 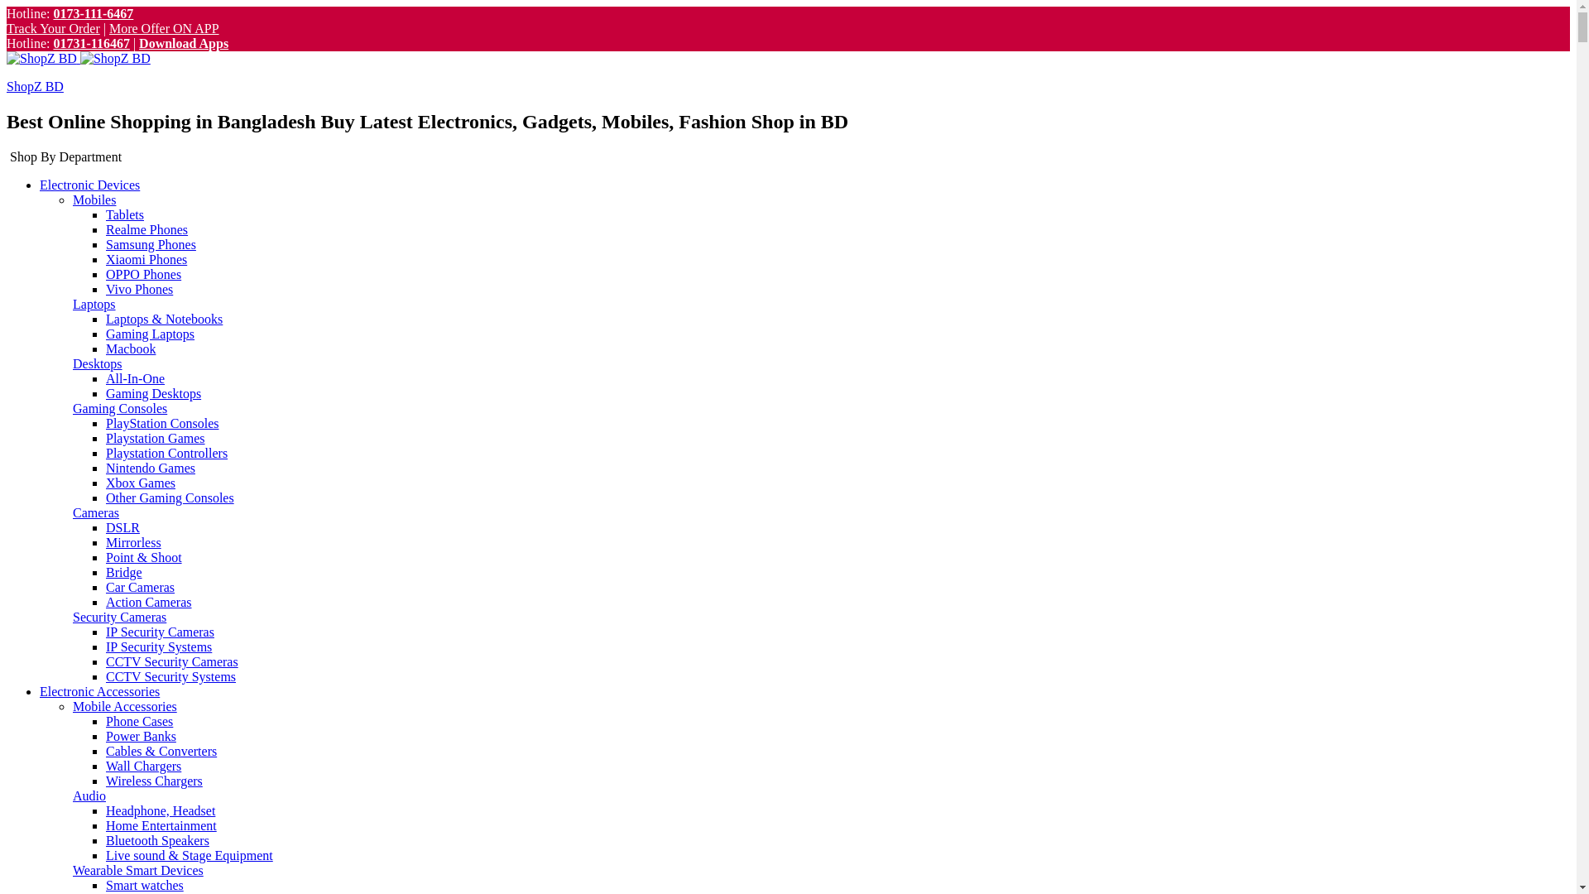 I want to click on 'Live sound & Stage Equipment', so click(x=190, y=855).